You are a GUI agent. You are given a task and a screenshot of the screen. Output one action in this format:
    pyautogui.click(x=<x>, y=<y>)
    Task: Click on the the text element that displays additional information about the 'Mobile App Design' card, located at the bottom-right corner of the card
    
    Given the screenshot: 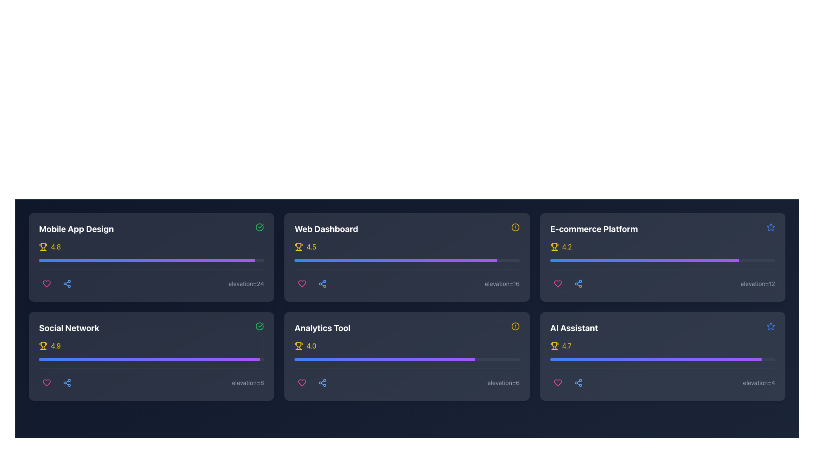 What is the action you would take?
    pyautogui.click(x=246, y=283)
    